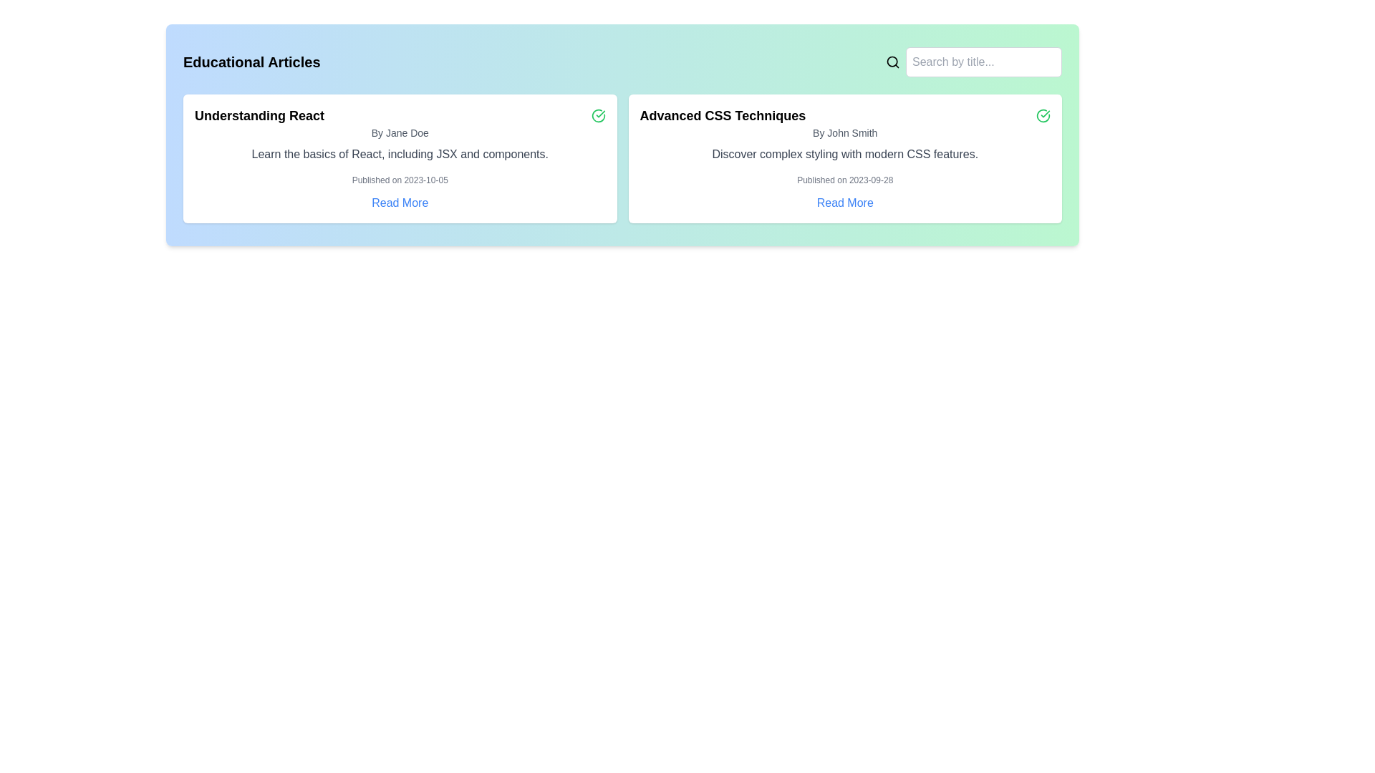 The width and height of the screenshot is (1375, 773). I want to click on the search icon located to the left of the input field in the search bar, positioned near the upper-right section of the page layout, so click(892, 62).